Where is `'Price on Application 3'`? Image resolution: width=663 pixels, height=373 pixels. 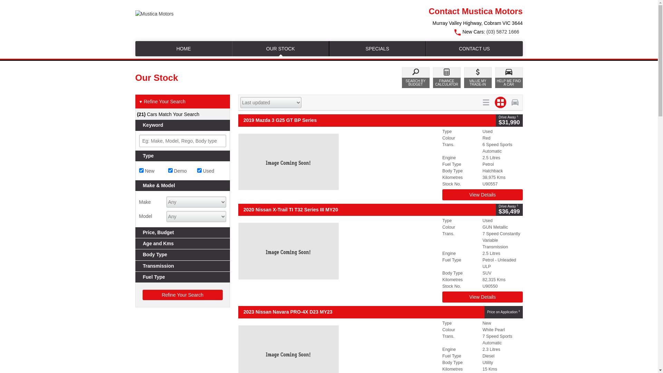 'Price on Application 3' is located at coordinates (484, 312).